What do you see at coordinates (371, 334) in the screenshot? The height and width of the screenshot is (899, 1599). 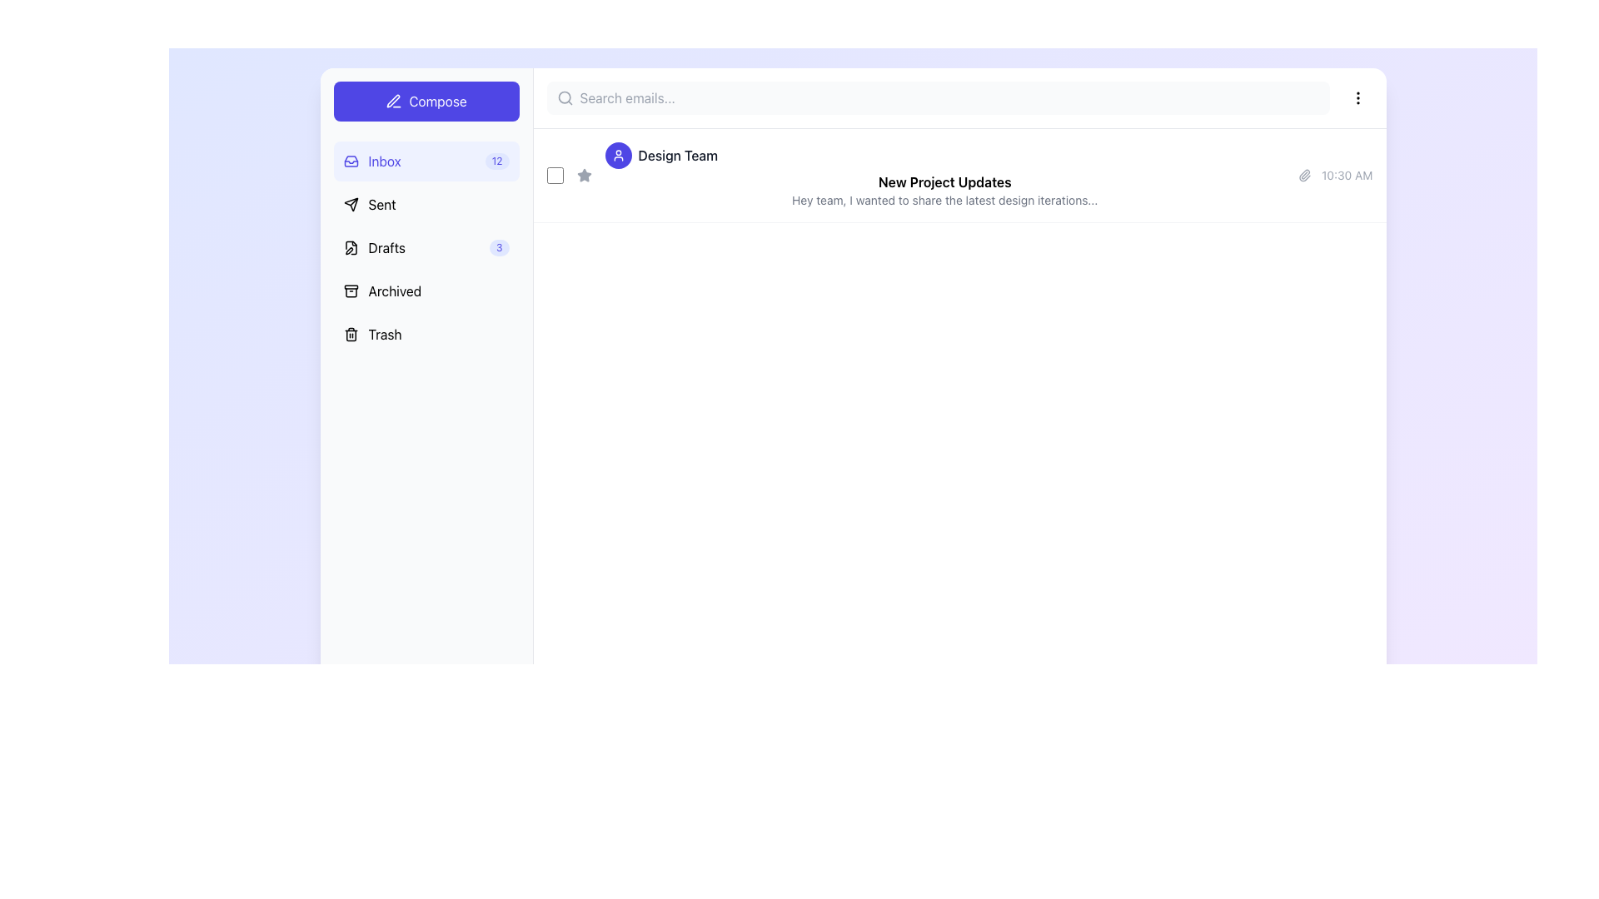 I see `the 'Trash' navigation link, which is represented by a trash bin icon and is the last option` at bounding box center [371, 334].